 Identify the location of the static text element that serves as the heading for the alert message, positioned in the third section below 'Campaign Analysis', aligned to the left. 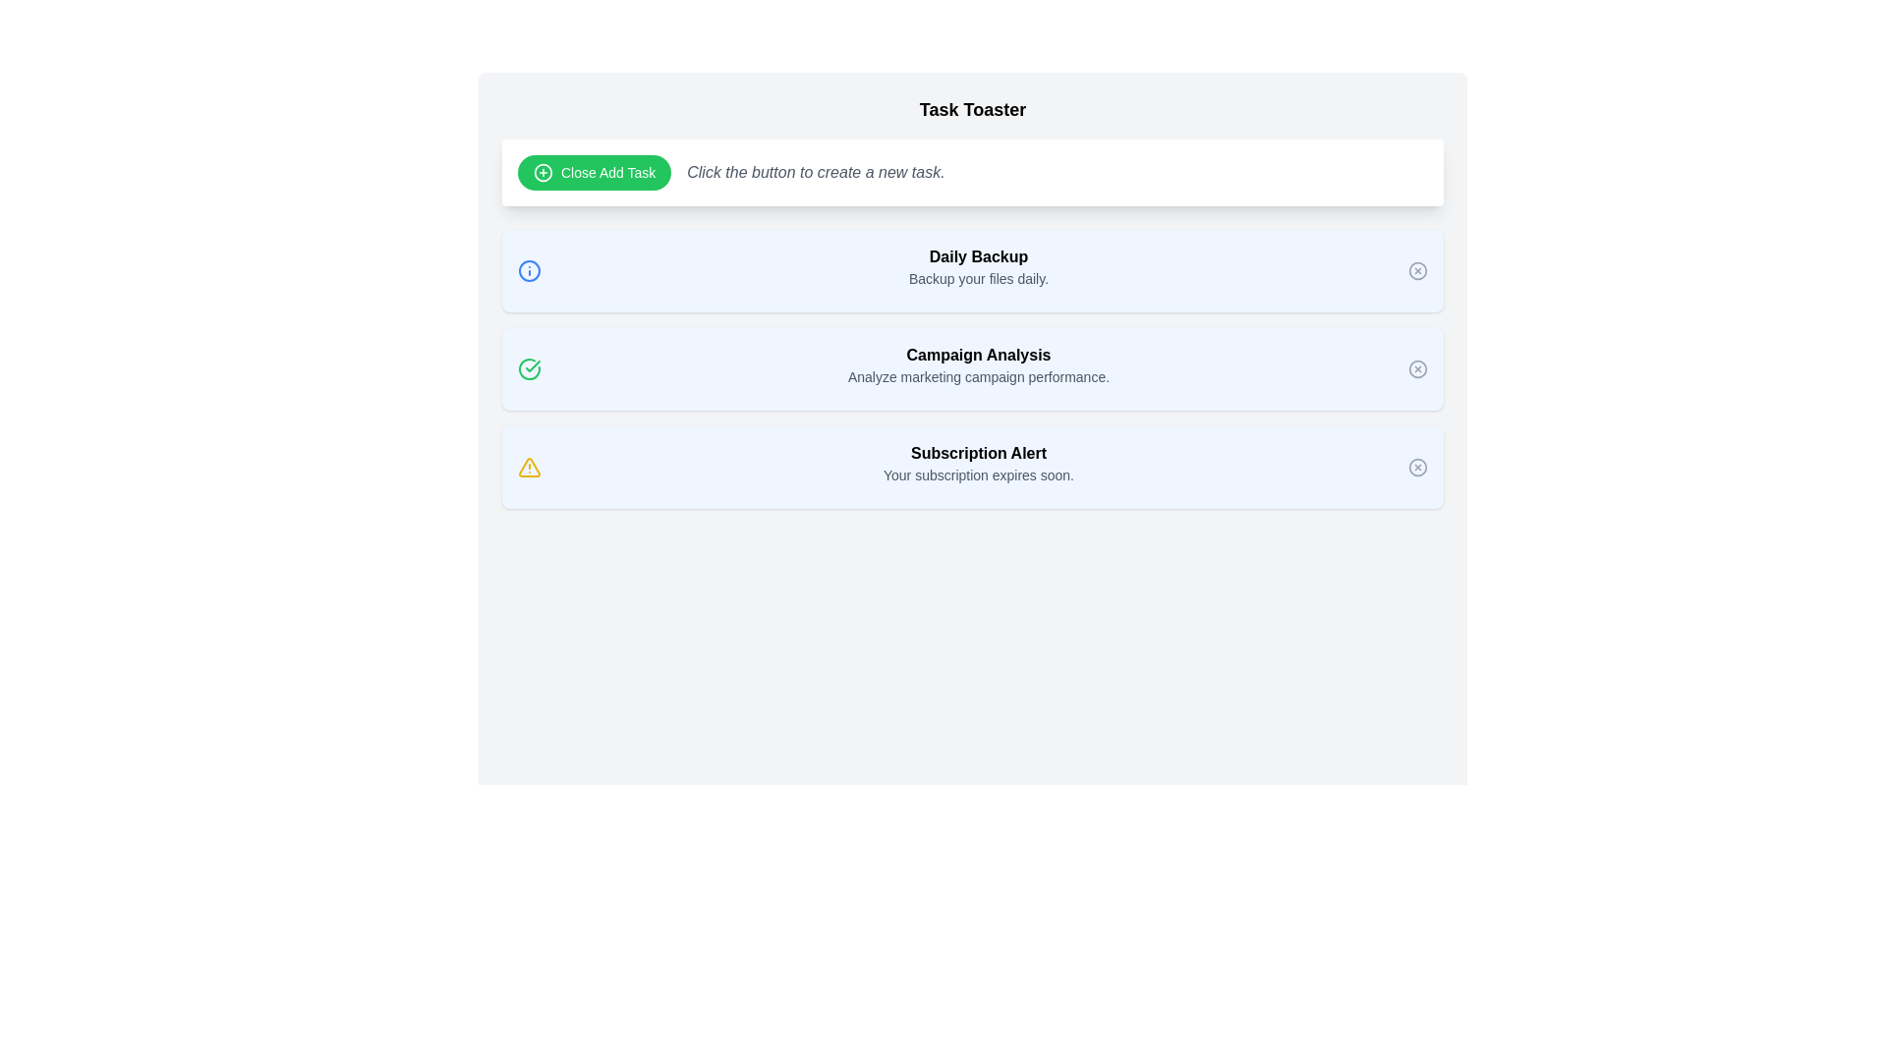
(979, 454).